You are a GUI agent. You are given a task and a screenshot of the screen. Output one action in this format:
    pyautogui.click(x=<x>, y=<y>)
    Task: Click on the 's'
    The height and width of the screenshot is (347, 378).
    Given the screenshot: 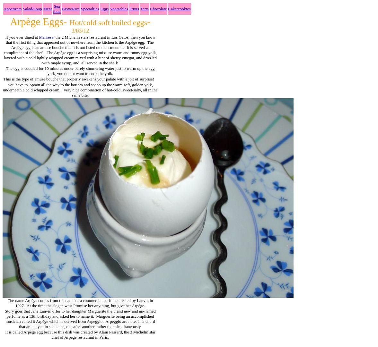 What is the action you would take?
    pyautogui.click(x=30, y=84)
    